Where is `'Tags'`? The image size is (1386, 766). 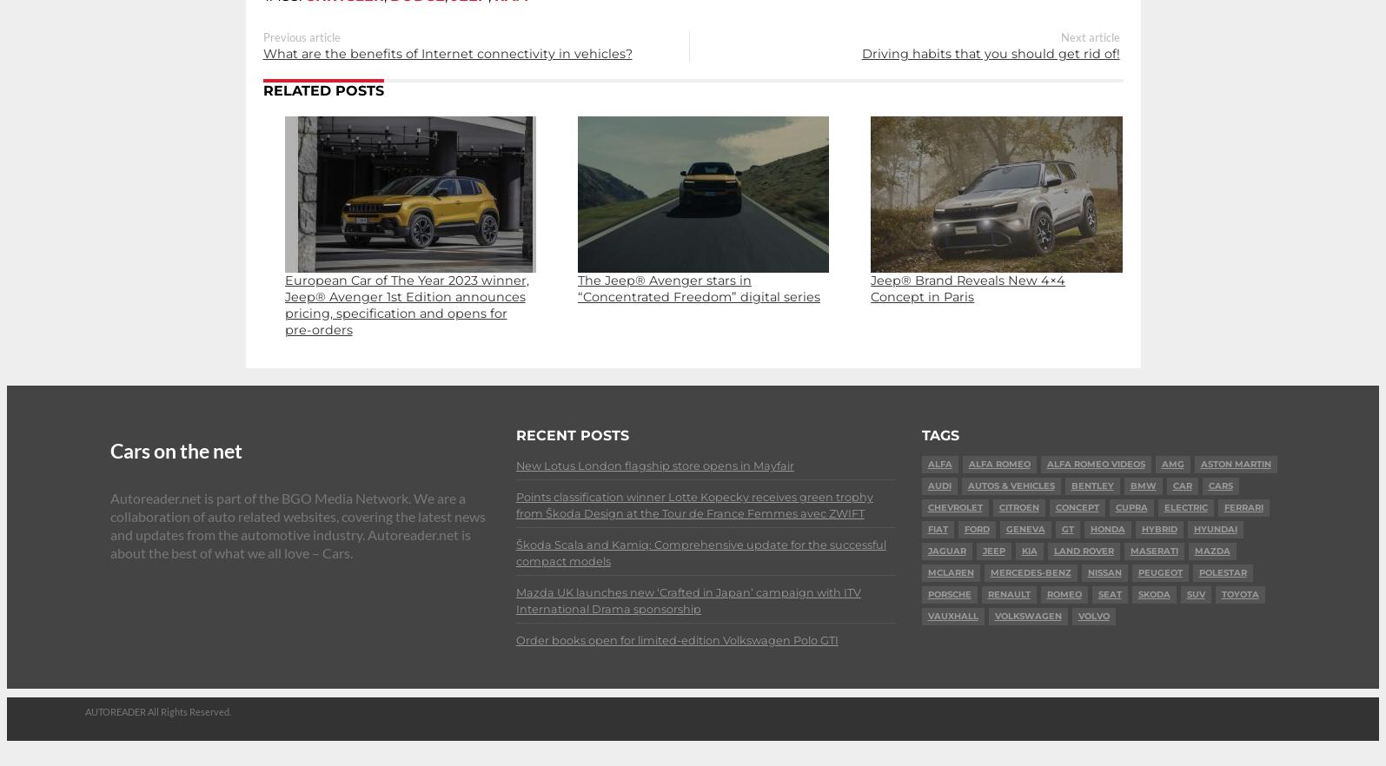
'Tags' is located at coordinates (938, 434).